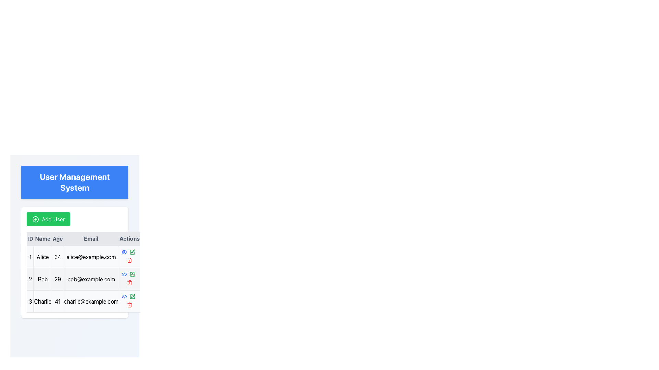 The height and width of the screenshot is (370, 659). What do you see at coordinates (58, 301) in the screenshot?
I see `the table cell displaying the age of the user 'Charlie', located` at bounding box center [58, 301].